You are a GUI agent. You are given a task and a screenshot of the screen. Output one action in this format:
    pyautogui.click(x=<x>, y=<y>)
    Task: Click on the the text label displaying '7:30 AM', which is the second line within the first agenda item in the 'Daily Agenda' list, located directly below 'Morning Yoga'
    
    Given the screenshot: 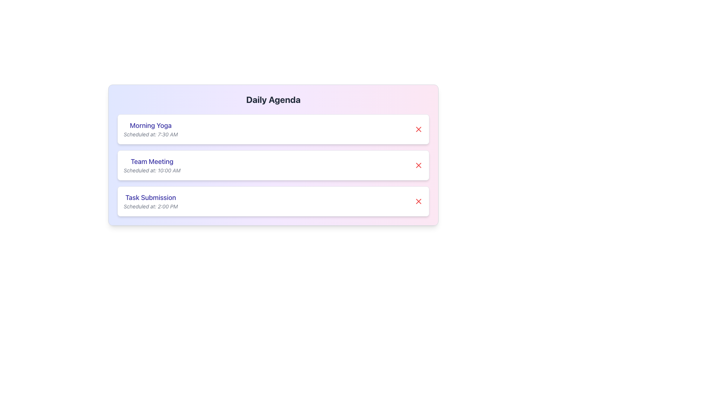 What is the action you would take?
    pyautogui.click(x=150, y=135)
    